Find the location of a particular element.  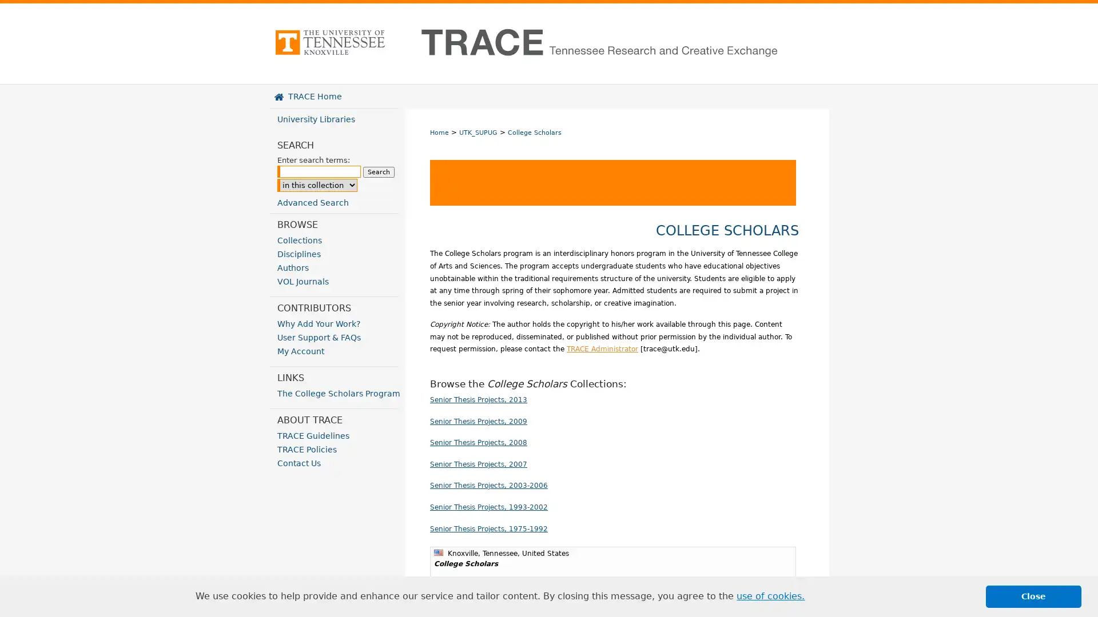

dismiss cookie message is located at coordinates (1033, 596).